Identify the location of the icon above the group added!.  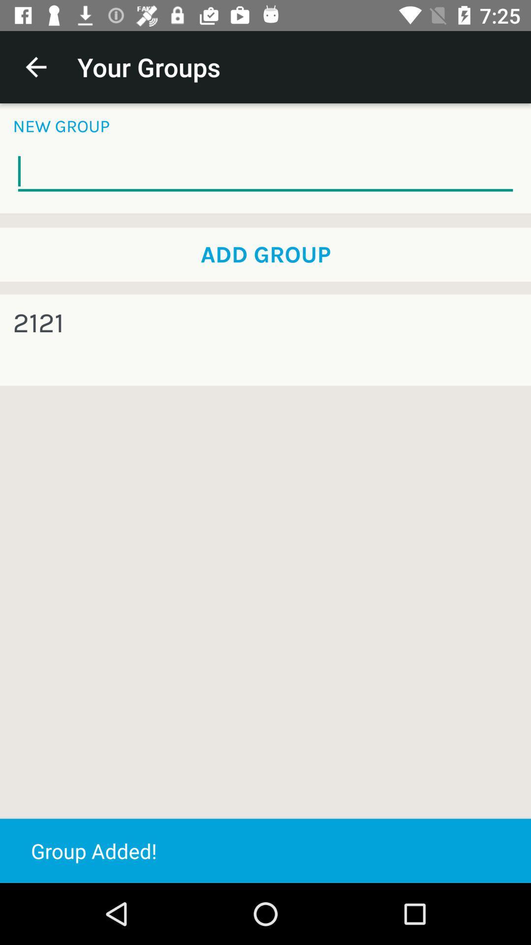
(37, 323).